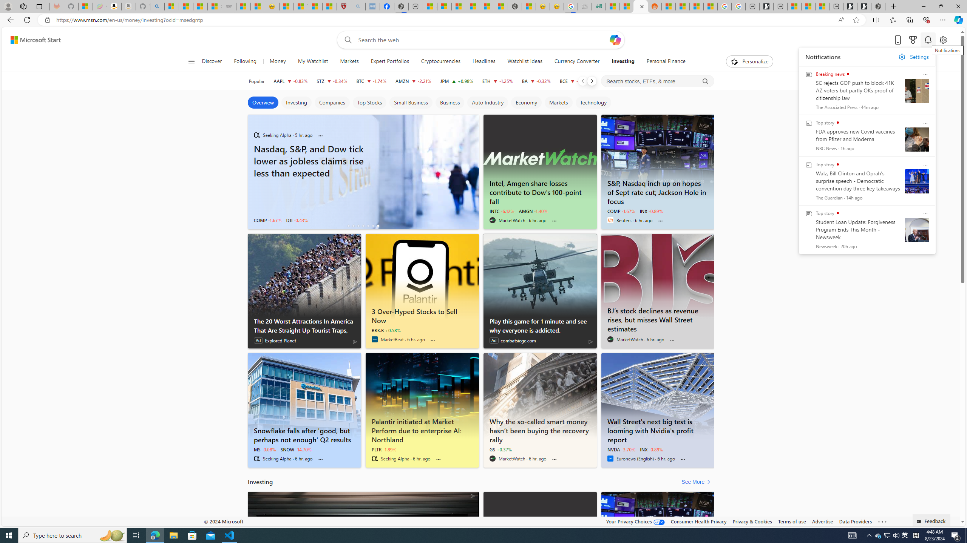  What do you see at coordinates (215, 61) in the screenshot?
I see `'Discover'` at bounding box center [215, 61].